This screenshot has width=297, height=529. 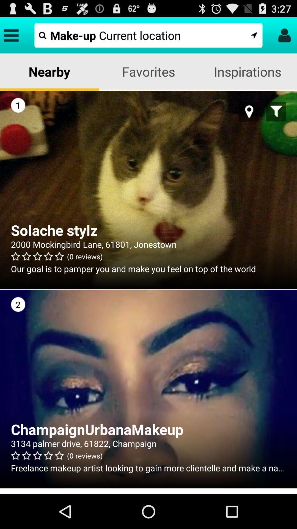 I want to click on the item below the 2, so click(x=148, y=429).